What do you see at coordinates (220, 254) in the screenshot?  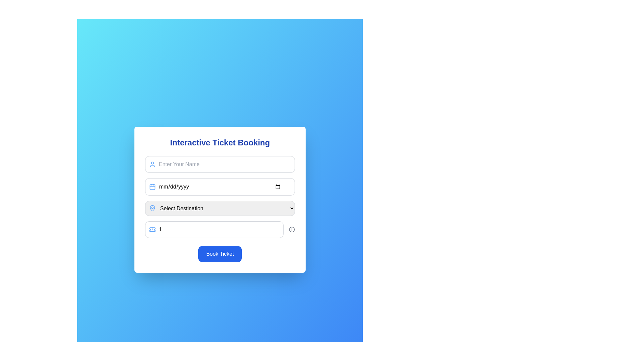 I see `the blue 'Book Ticket' button with rounded corners at the bottom of the ticket booking interface` at bounding box center [220, 254].